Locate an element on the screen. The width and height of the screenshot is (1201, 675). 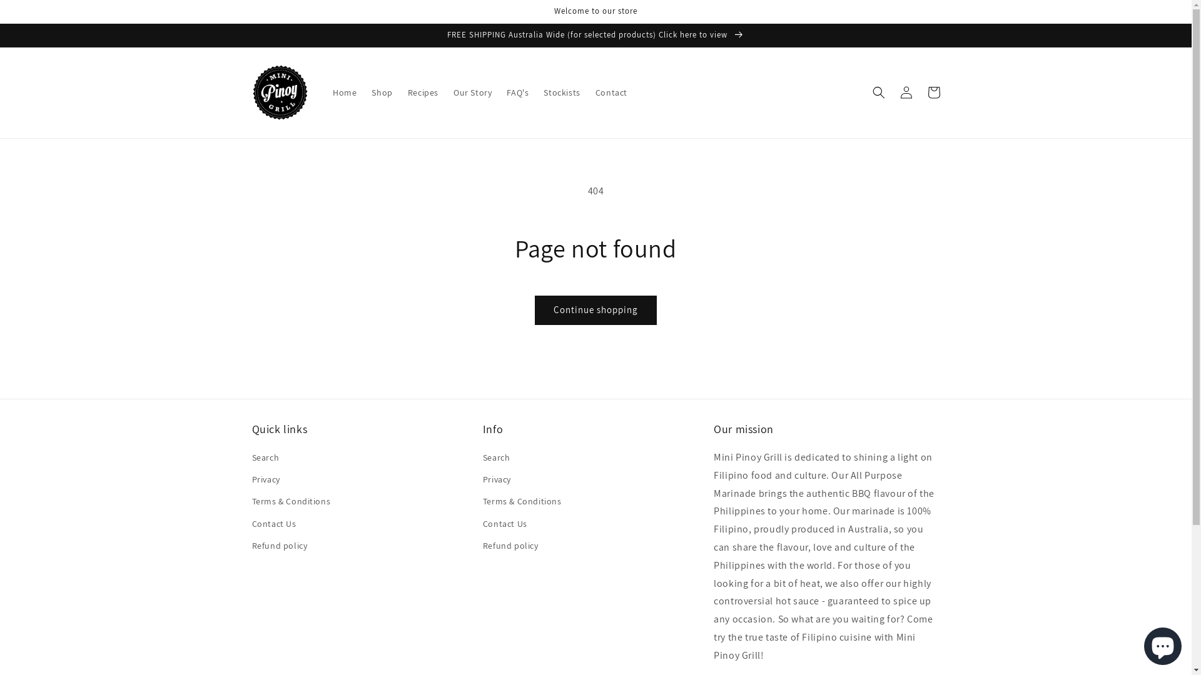
'Refund policy' is located at coordinates (510, 545).